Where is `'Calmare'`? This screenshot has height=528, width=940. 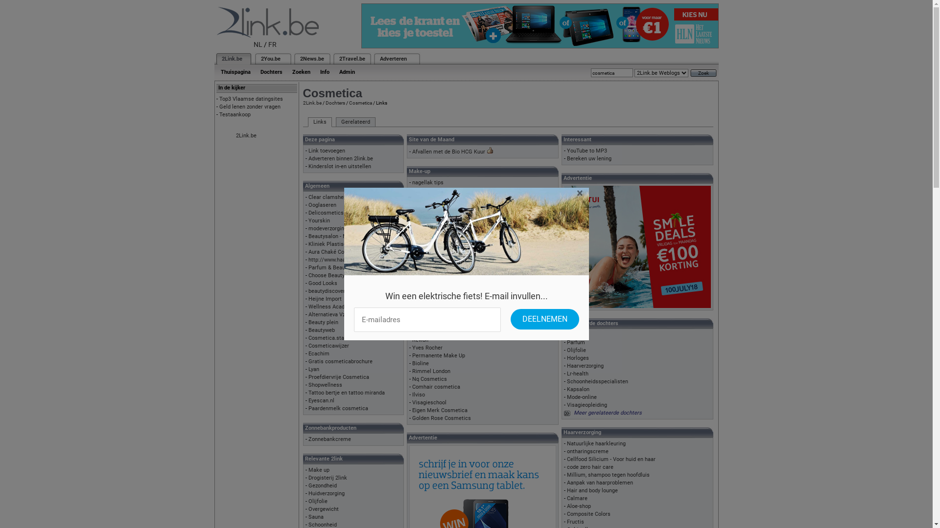 'Calmare' is located at coordinates (577, 498).